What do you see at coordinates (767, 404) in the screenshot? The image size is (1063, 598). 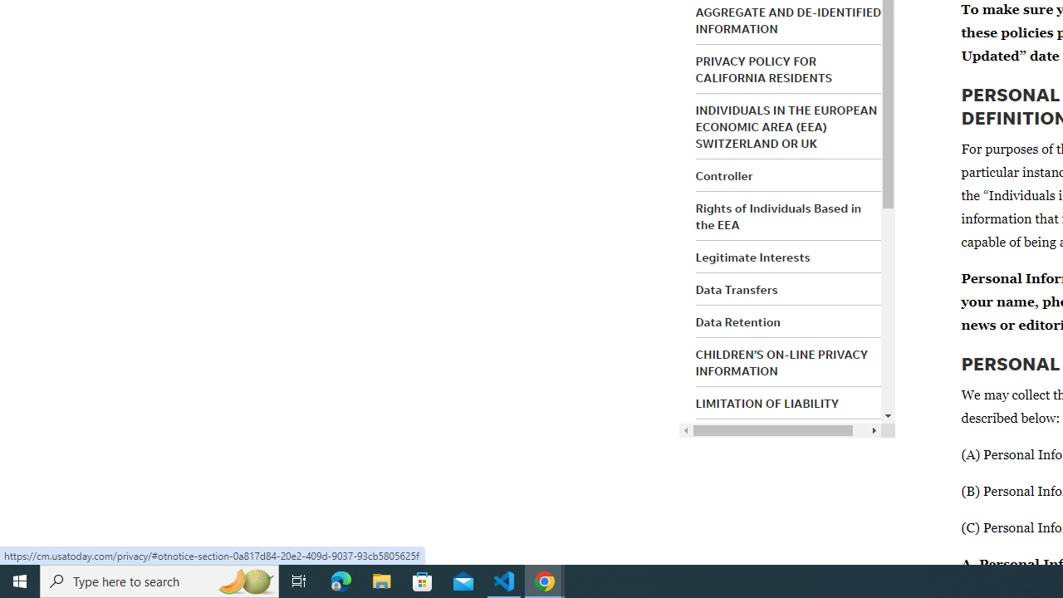 I see `'LIMITATION OF LIABILITY'` at bounding box center [767, 404].